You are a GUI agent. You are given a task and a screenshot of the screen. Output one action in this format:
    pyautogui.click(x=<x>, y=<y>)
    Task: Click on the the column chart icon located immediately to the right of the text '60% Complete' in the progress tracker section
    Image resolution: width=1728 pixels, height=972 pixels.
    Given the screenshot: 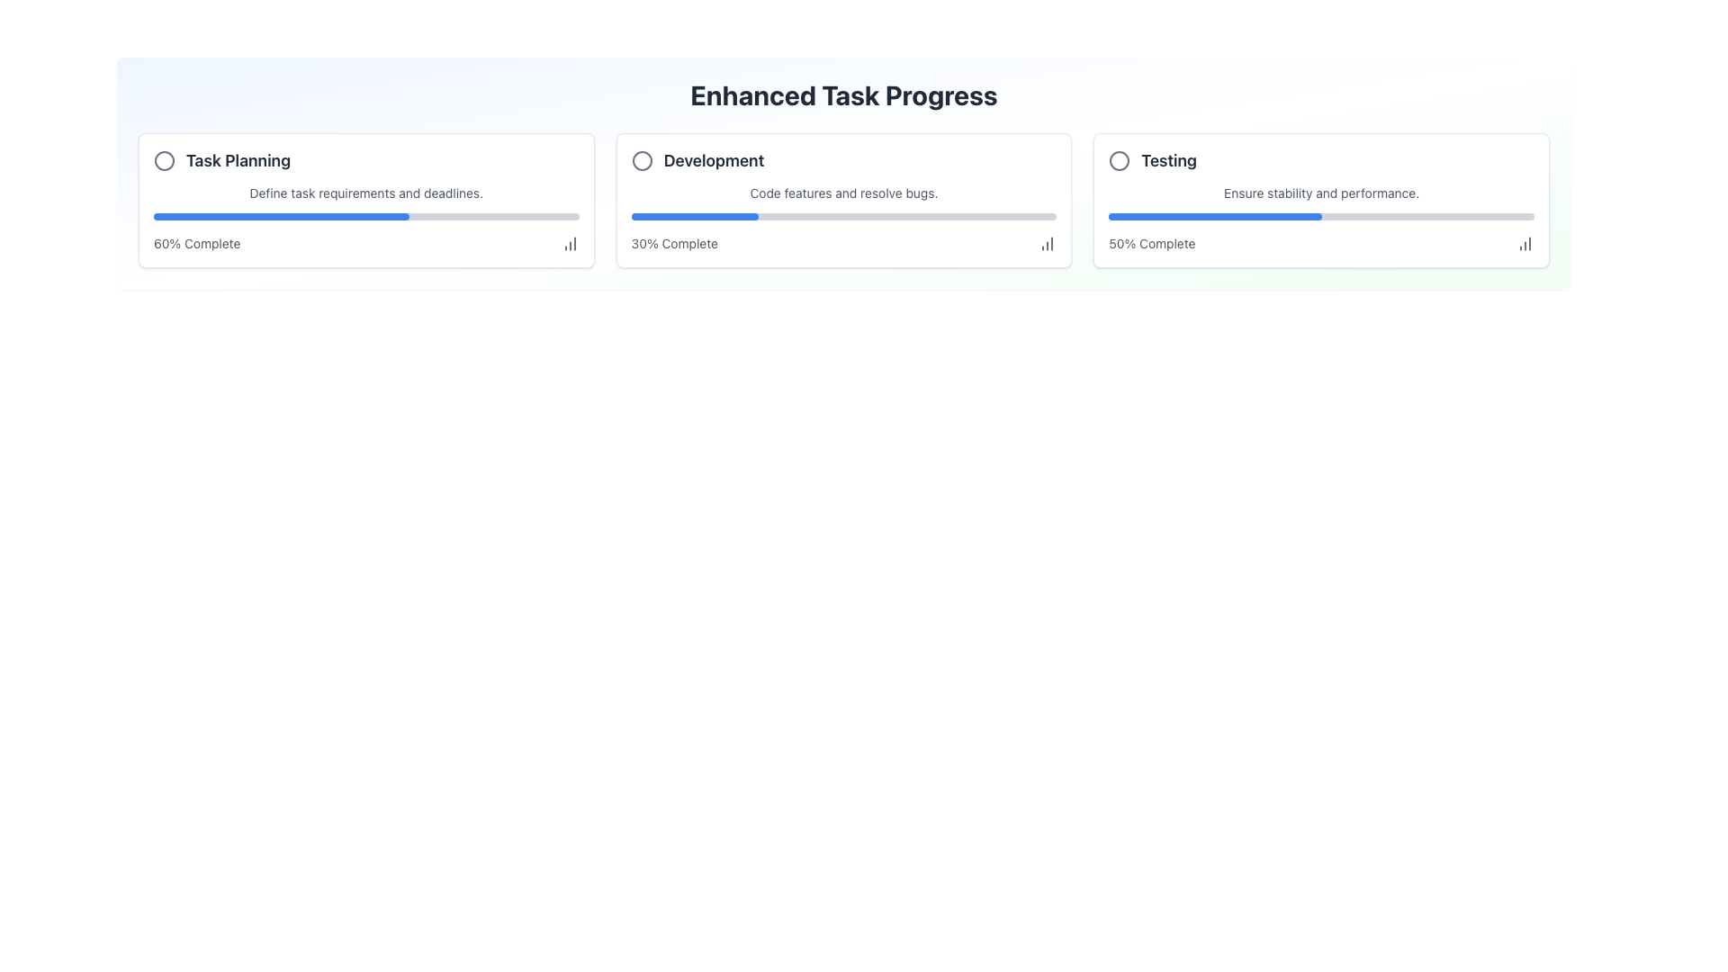 What is the action you would take?
    pyautogui.click(x=569, y=243)
    